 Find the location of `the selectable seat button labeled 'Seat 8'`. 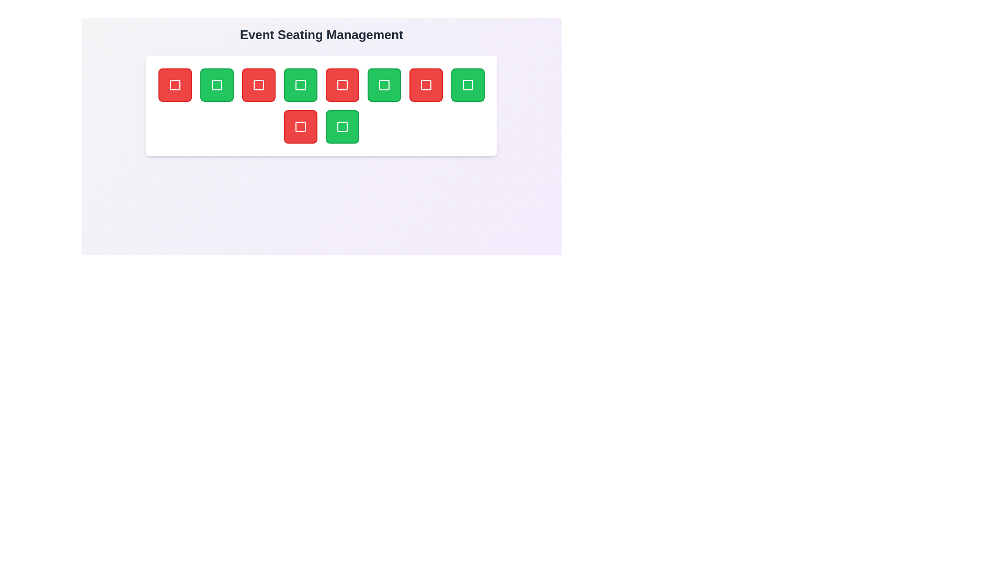

the selectable seat button labeled 'Seat 8' is located at coordinates (467, 84).